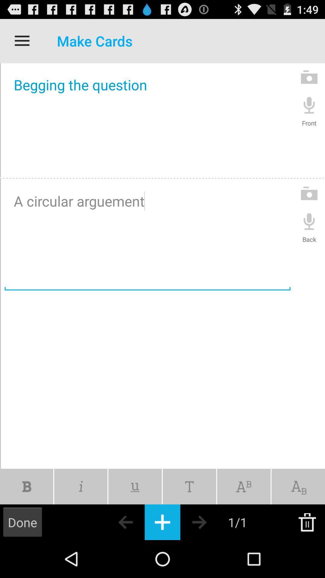 This screenshot has width=325, height=578. I want to click on the done icon, so click(22, 522).